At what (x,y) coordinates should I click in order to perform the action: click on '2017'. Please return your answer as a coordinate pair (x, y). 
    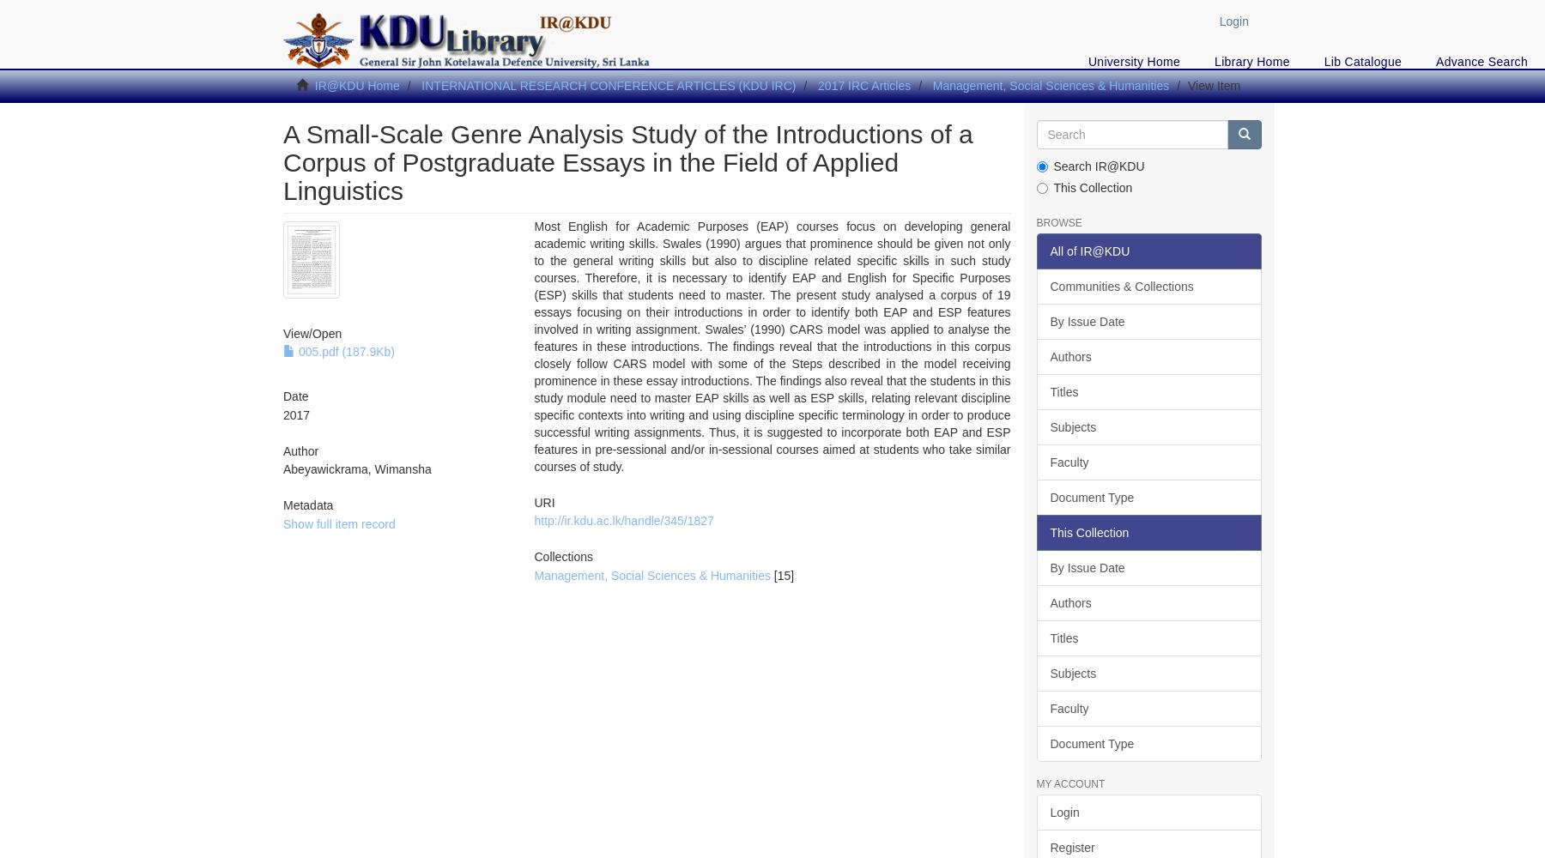
    Looking at the image, I should click on (296, 414).